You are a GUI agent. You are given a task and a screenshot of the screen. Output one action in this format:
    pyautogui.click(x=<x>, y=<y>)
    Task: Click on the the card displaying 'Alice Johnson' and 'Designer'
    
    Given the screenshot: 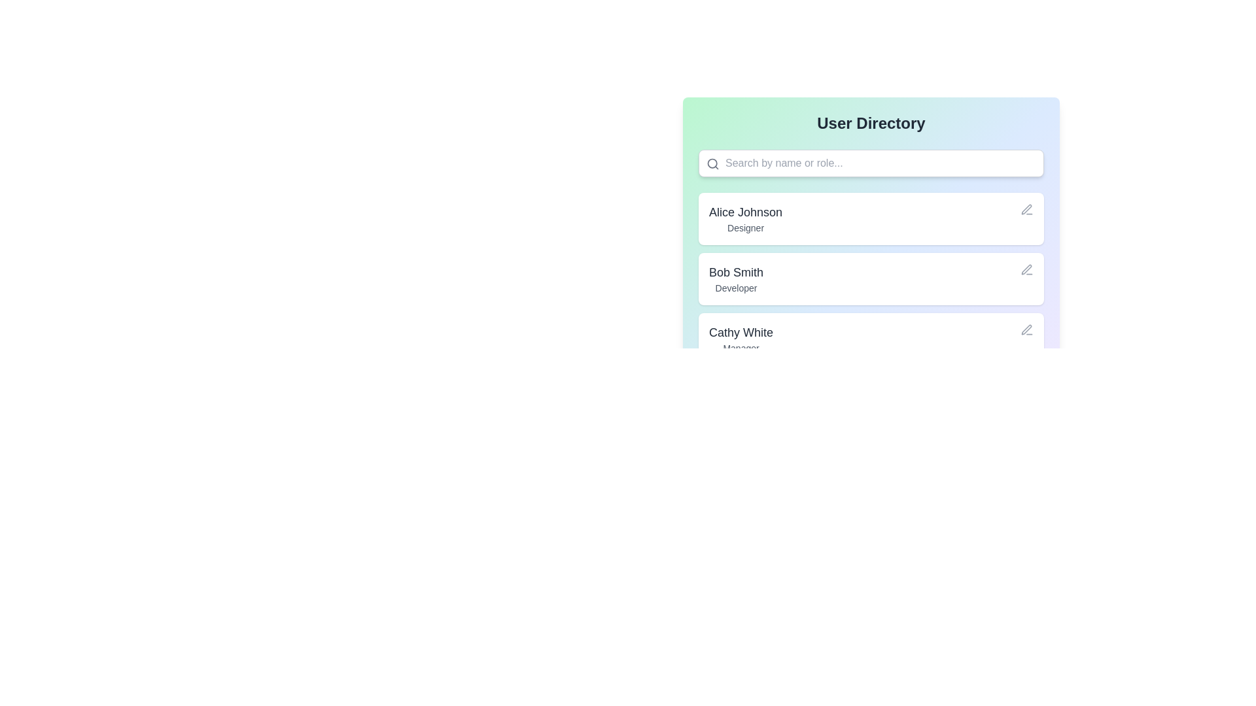 What is the action you would take?
    pyautogui.click(x=871, y=214)
    